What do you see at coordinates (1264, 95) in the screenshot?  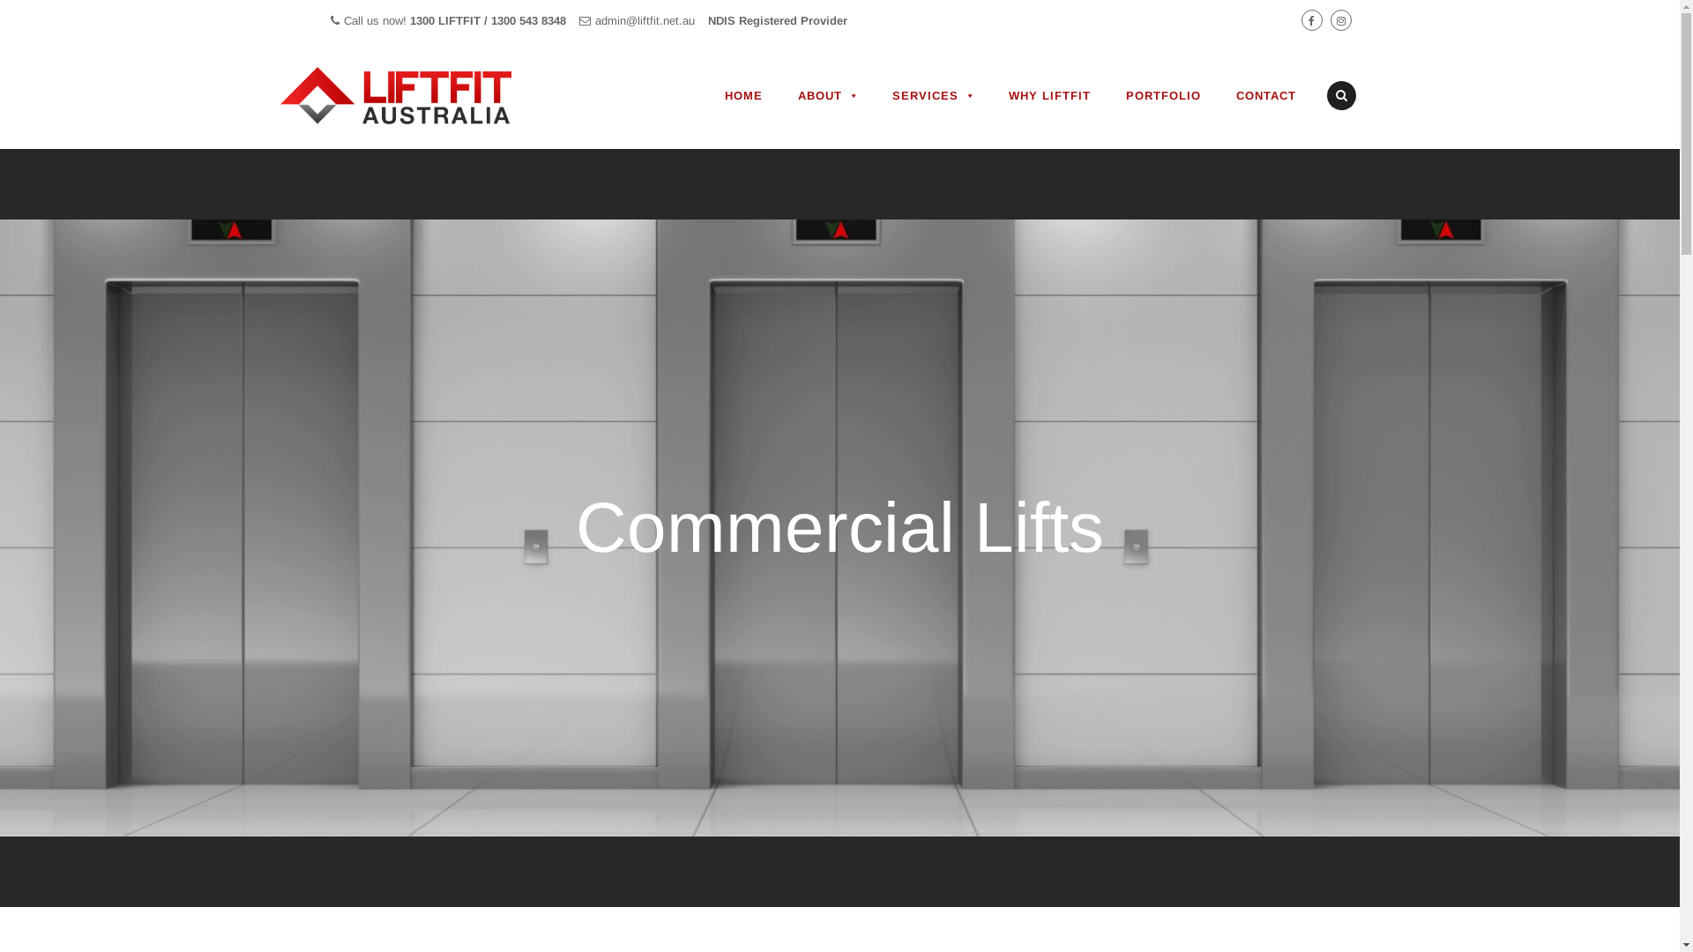 I see `'CONTACT'` at bounding box center [1264, 95].